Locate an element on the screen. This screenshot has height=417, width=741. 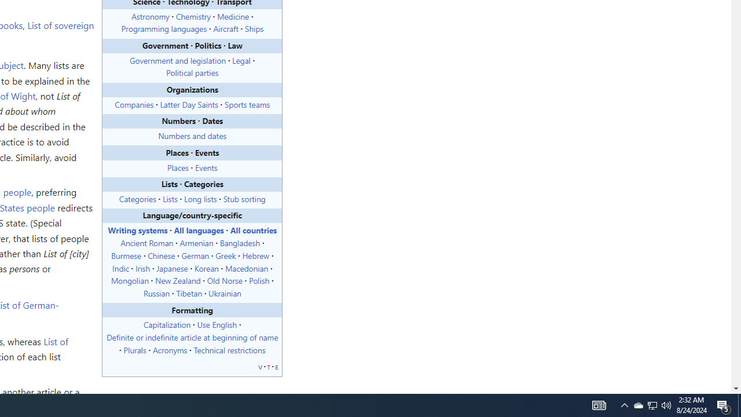
'Definite or indefinite article at beginning of name' is located at coordinates (192, 337).